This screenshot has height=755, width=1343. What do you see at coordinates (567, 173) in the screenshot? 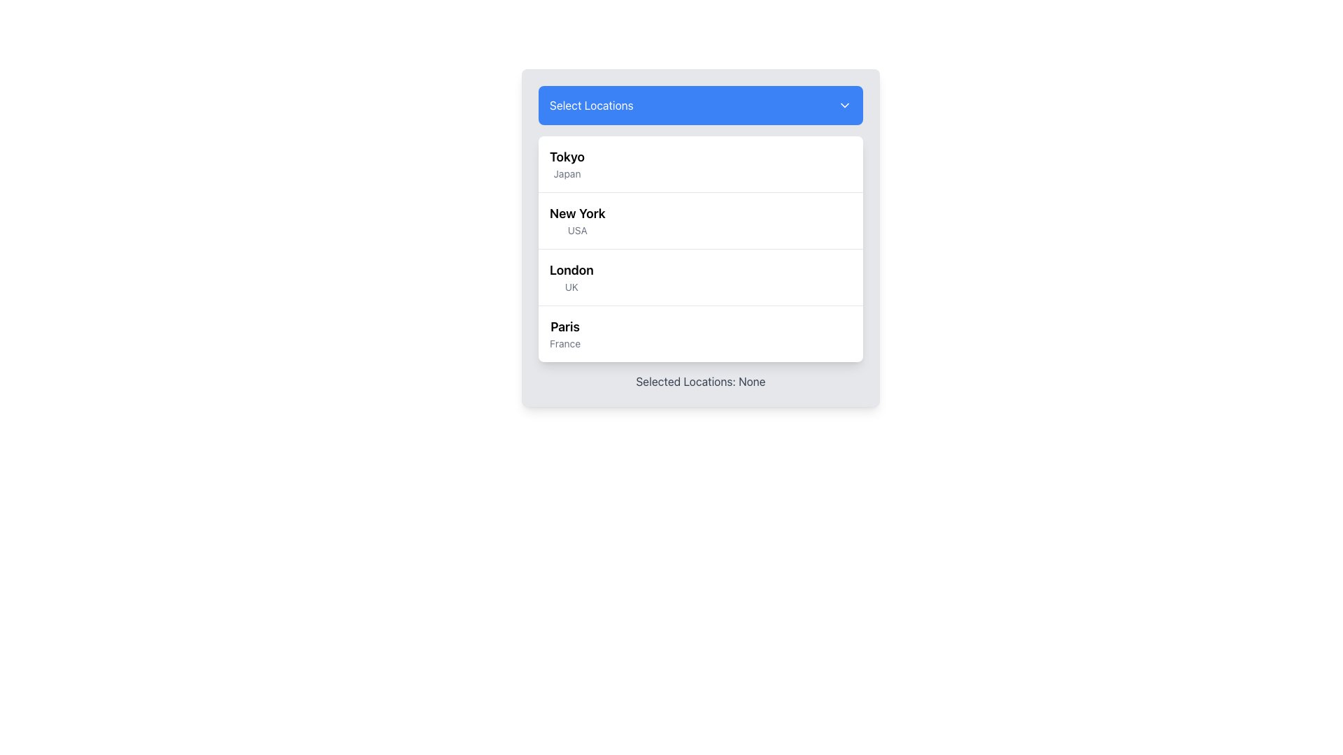
I see `the label element containing the text 'Japan', which is styled as a smaller and lighter subtext directly below 'Tokyo' in the dropdown list under 'Select Locations'` at bounding box center [567, 173].